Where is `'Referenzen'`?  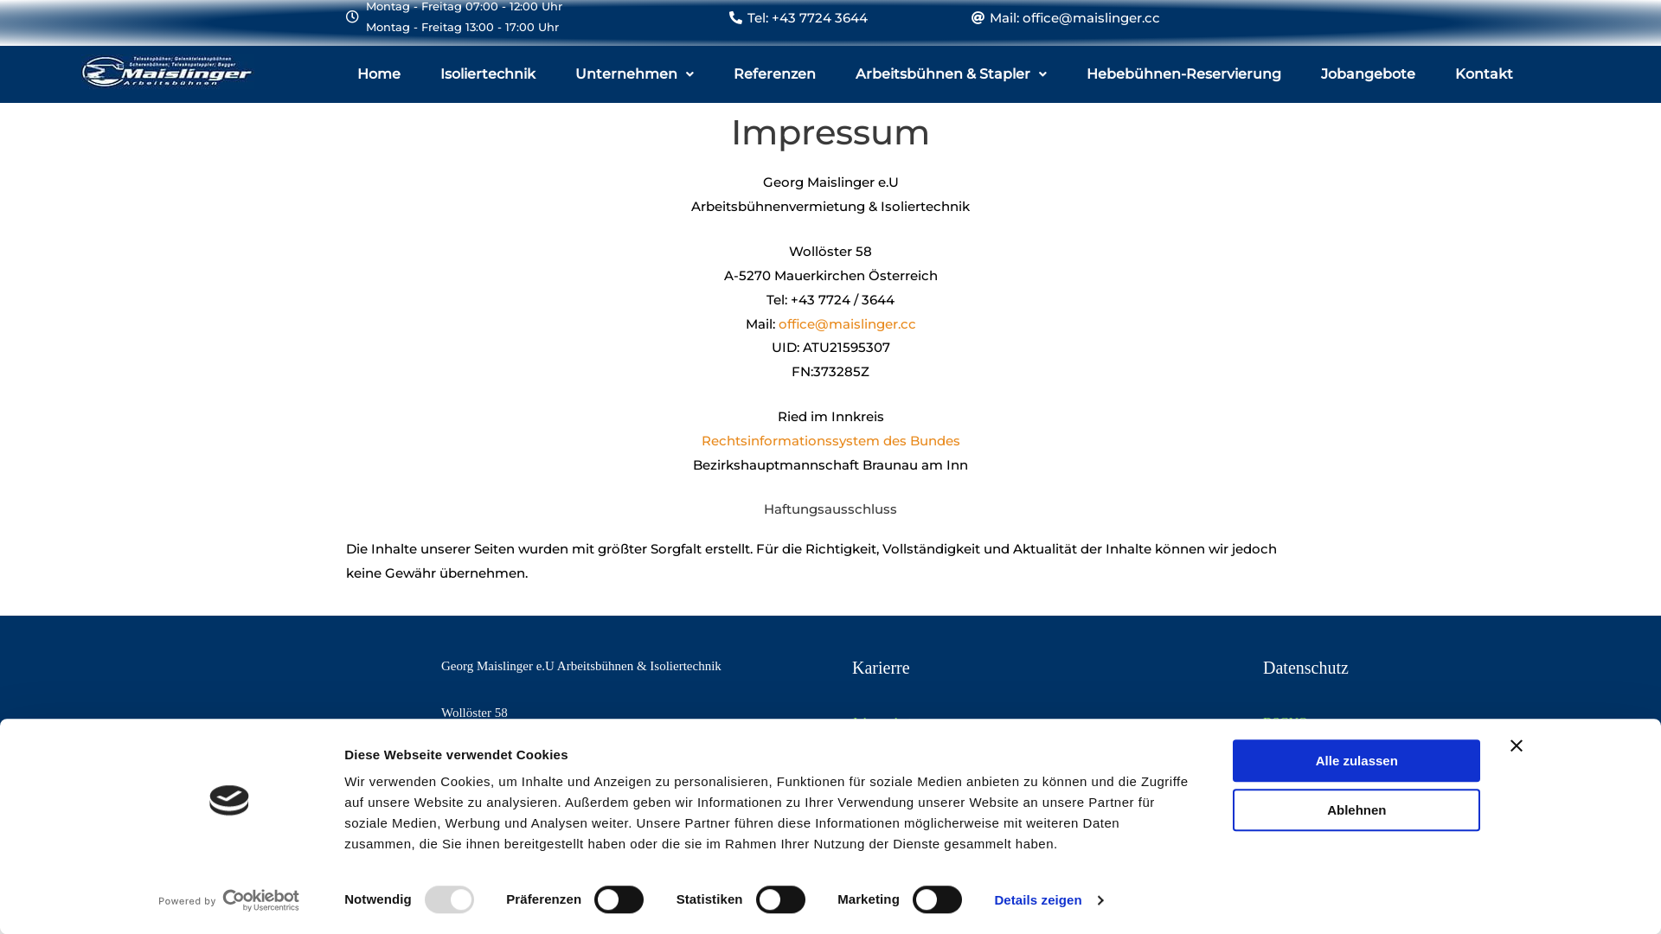 'Referenzen' is located at coordinates (773, 73).